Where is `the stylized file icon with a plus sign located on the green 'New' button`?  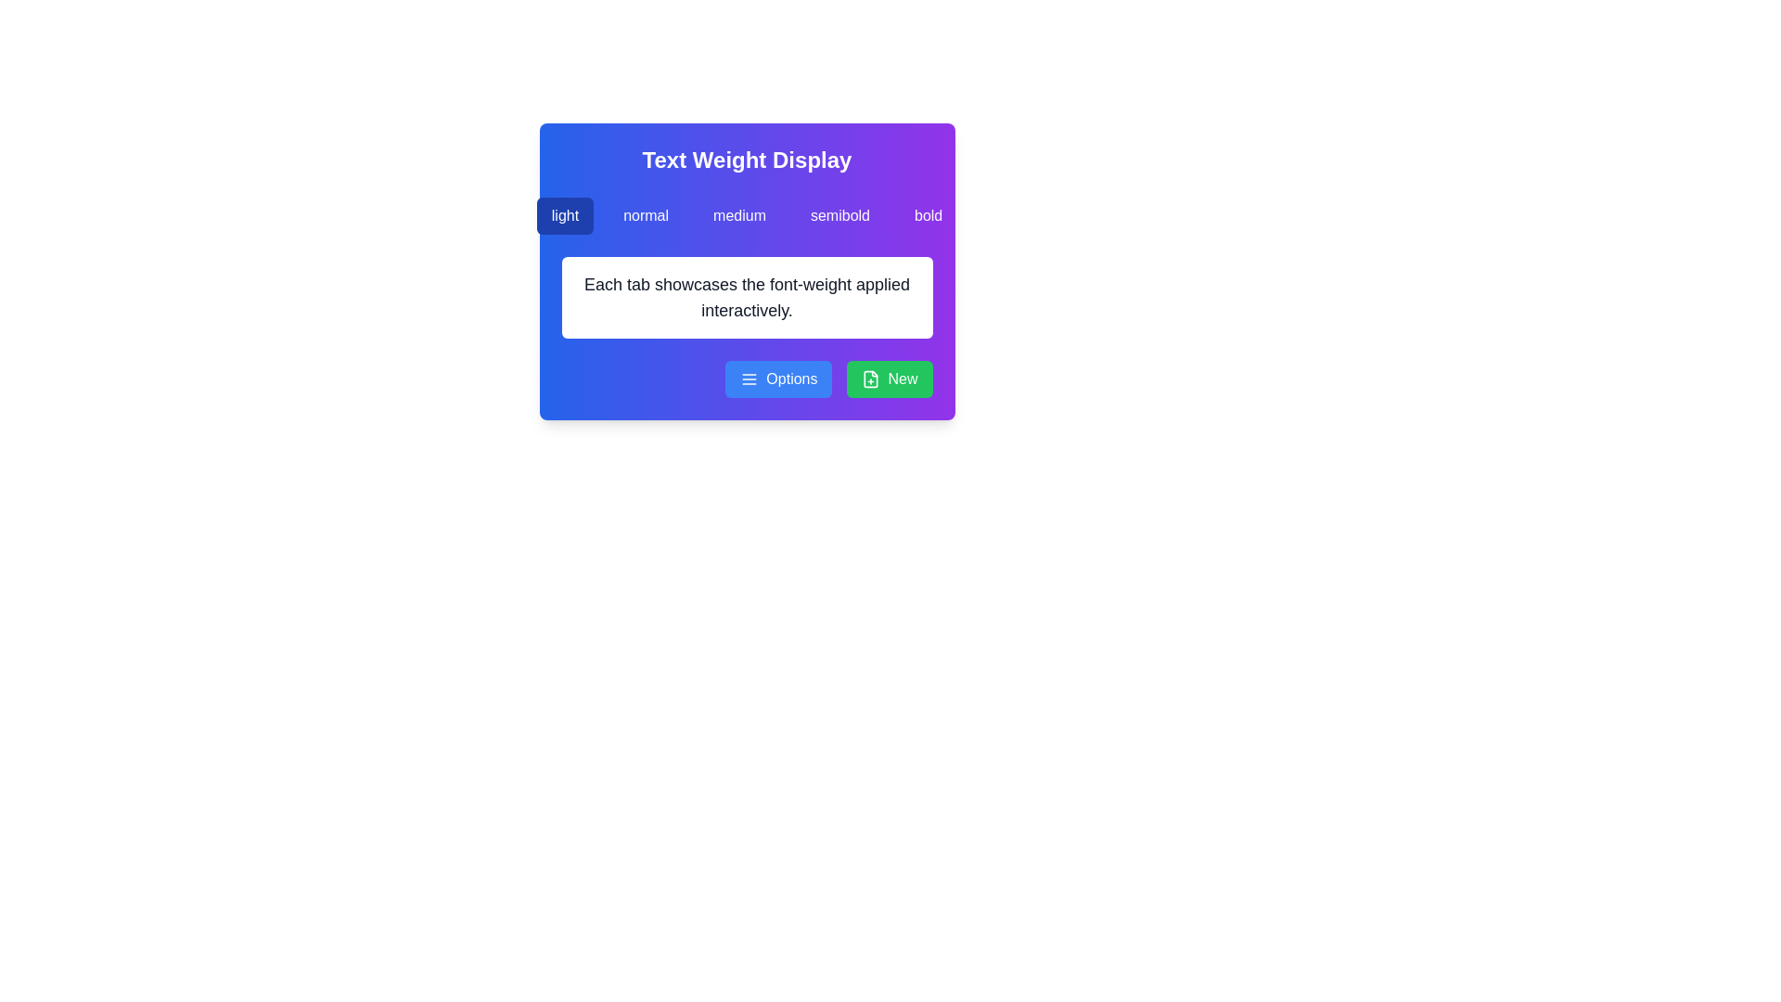 the stylized file icon with a plus sign located on the green 'New' button is located at coordinates (870, 378).